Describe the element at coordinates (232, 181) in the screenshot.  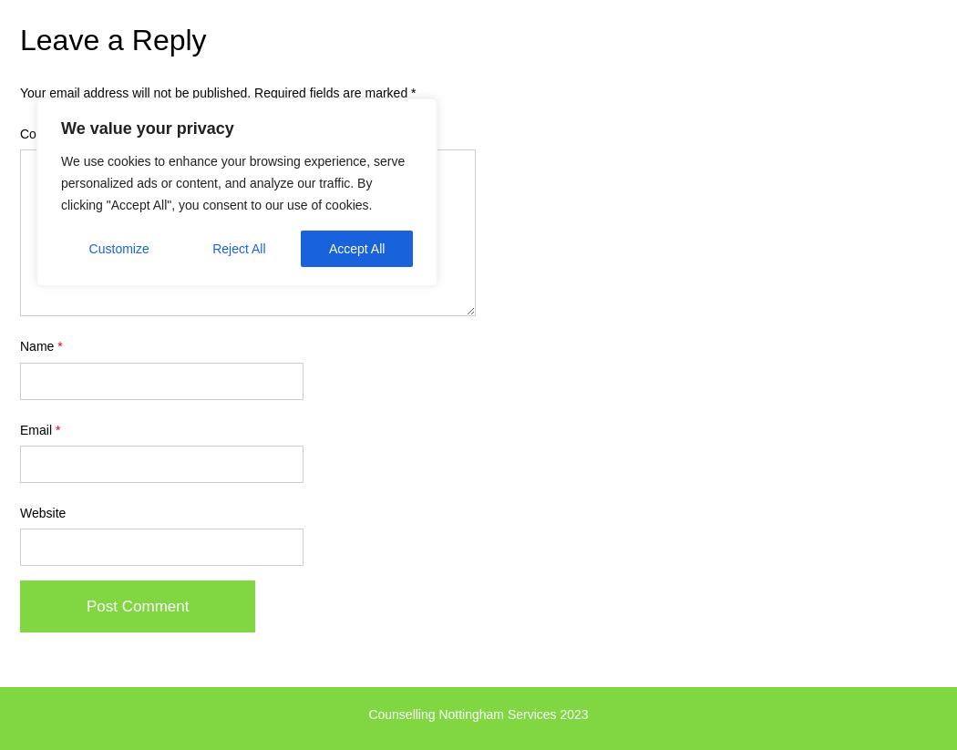
I see `'We use cookies to enhance your browsing experience, serve personalized ads or content, and analyze our traffic. By clicking "Accept All", you consent to our use of cookies.'` at that location.